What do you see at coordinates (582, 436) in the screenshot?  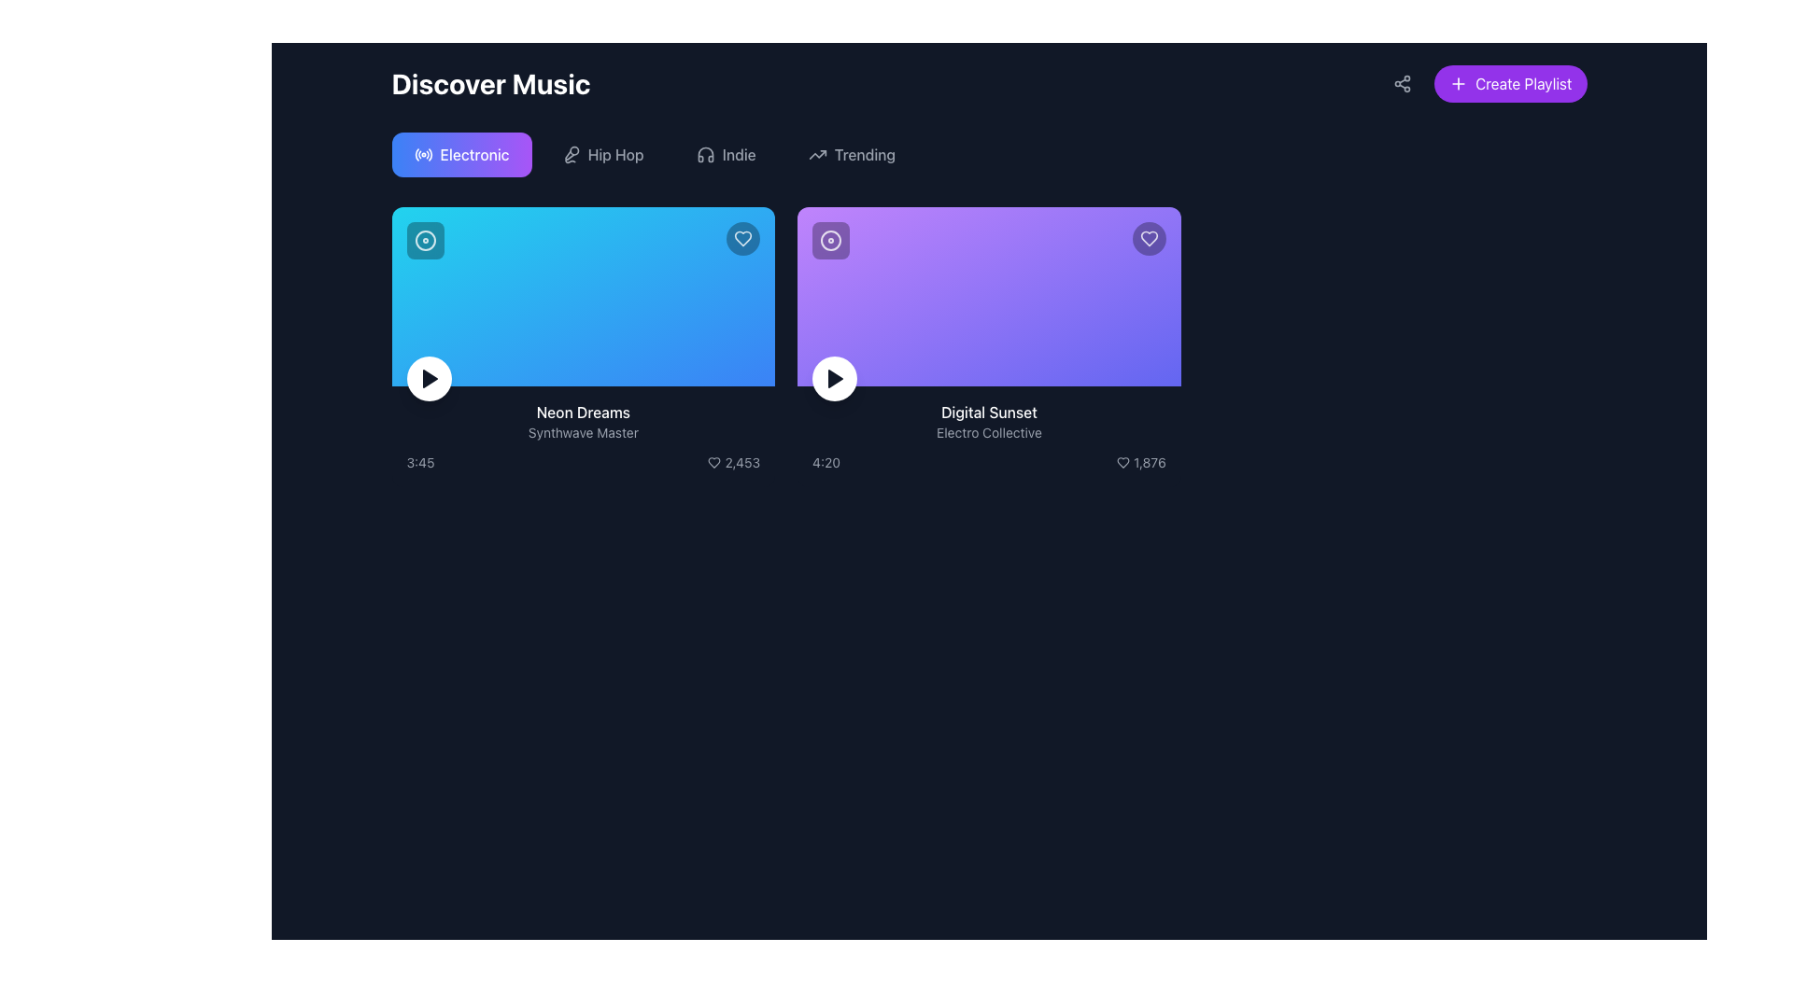 I see `the Information Display Element that shows the title, artist, duration, and popularity of a music track located in the left card of the top row in the grid layout` at bounding box center [582, 436].